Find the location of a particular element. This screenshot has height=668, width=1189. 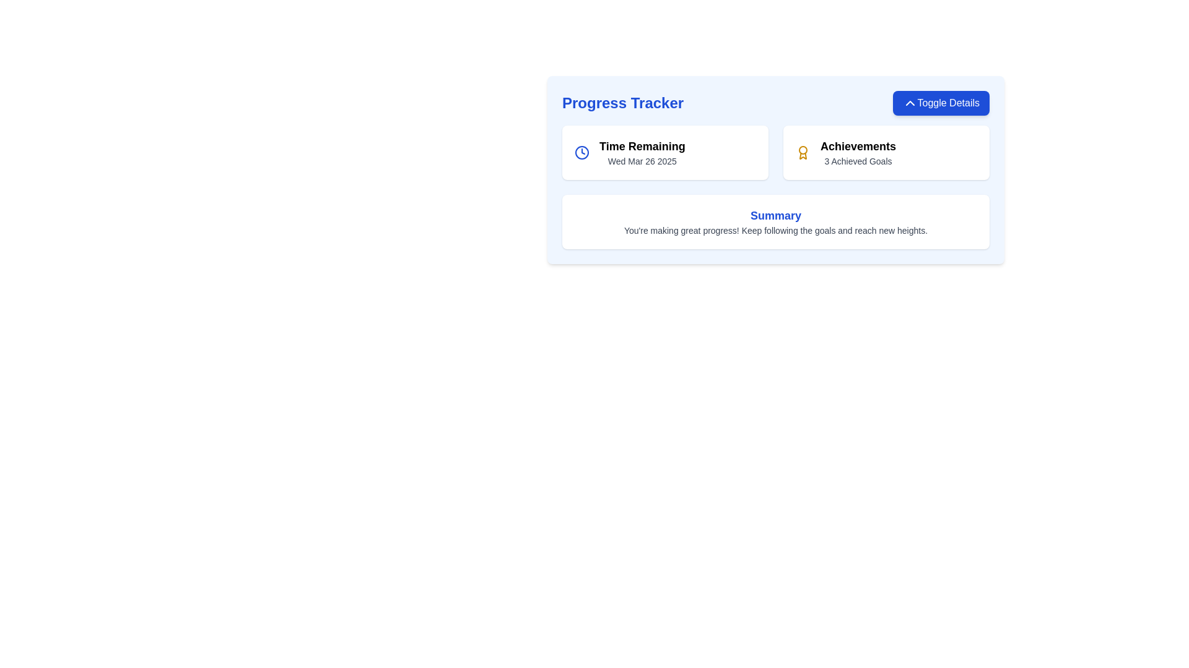

text displayed in the top-left region of the first card, next to the small blue clock icon, which indicates the remaining time and specific date is located at coordinates (642, 152).